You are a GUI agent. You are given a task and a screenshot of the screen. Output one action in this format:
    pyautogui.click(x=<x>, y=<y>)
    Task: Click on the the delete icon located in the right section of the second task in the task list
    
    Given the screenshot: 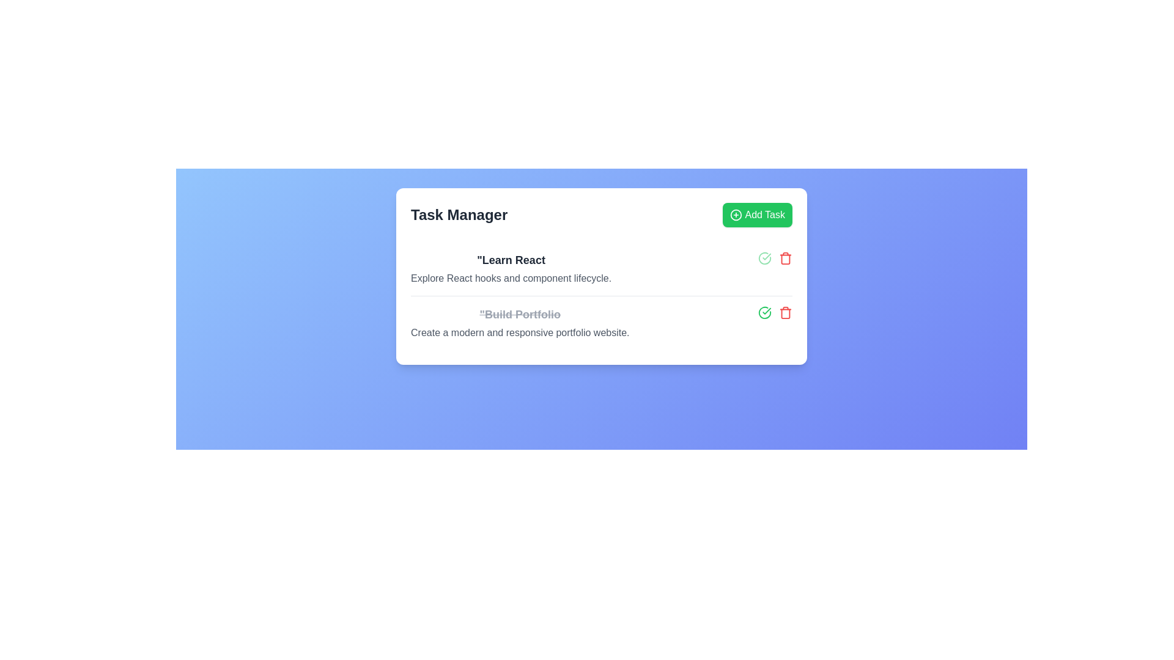 What is the action you would take?
    pyautogui.click(x=786, y=258)
    